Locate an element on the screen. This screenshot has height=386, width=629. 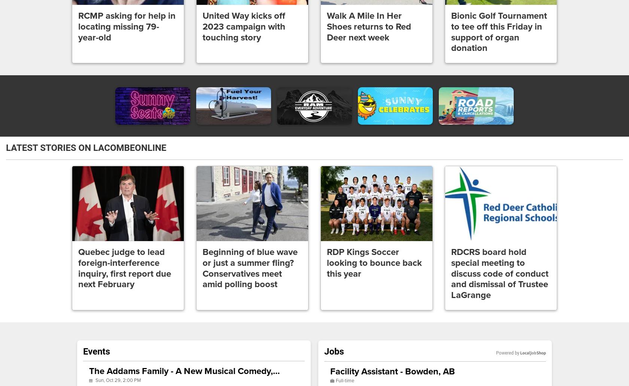
'Jobs' is located at coordinates (334, 351).